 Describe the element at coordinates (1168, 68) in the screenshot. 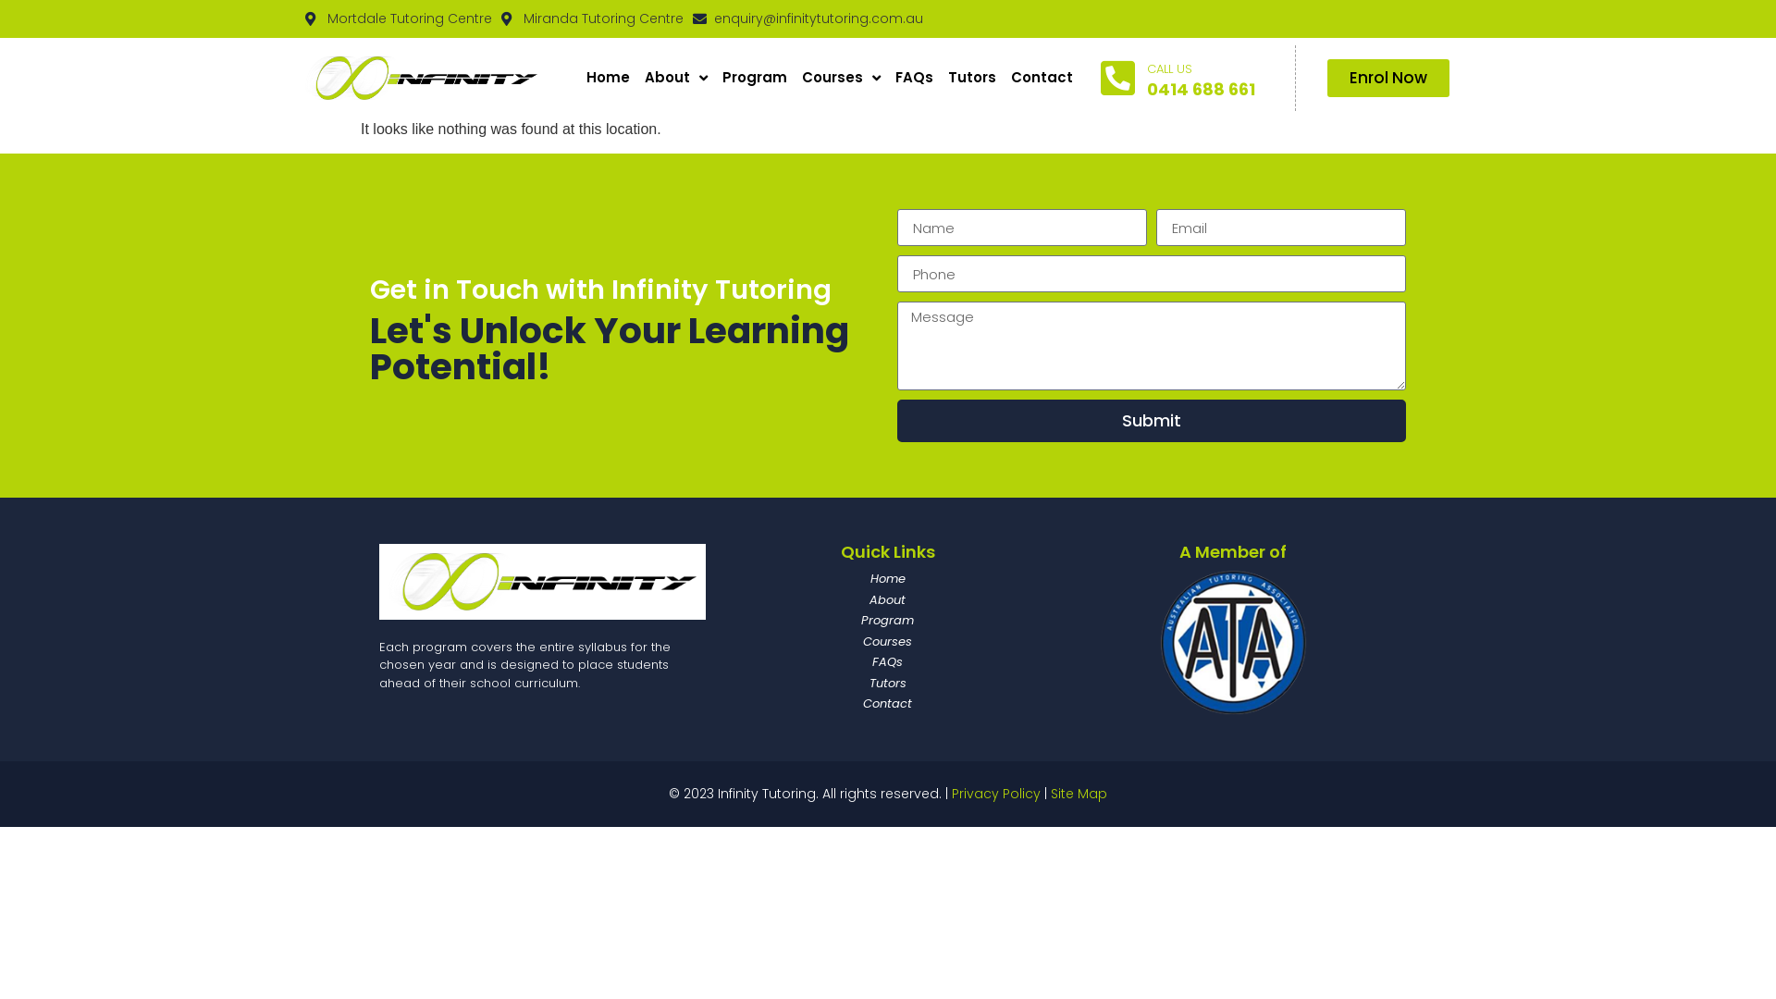

I see `'CALL US'` at that location.